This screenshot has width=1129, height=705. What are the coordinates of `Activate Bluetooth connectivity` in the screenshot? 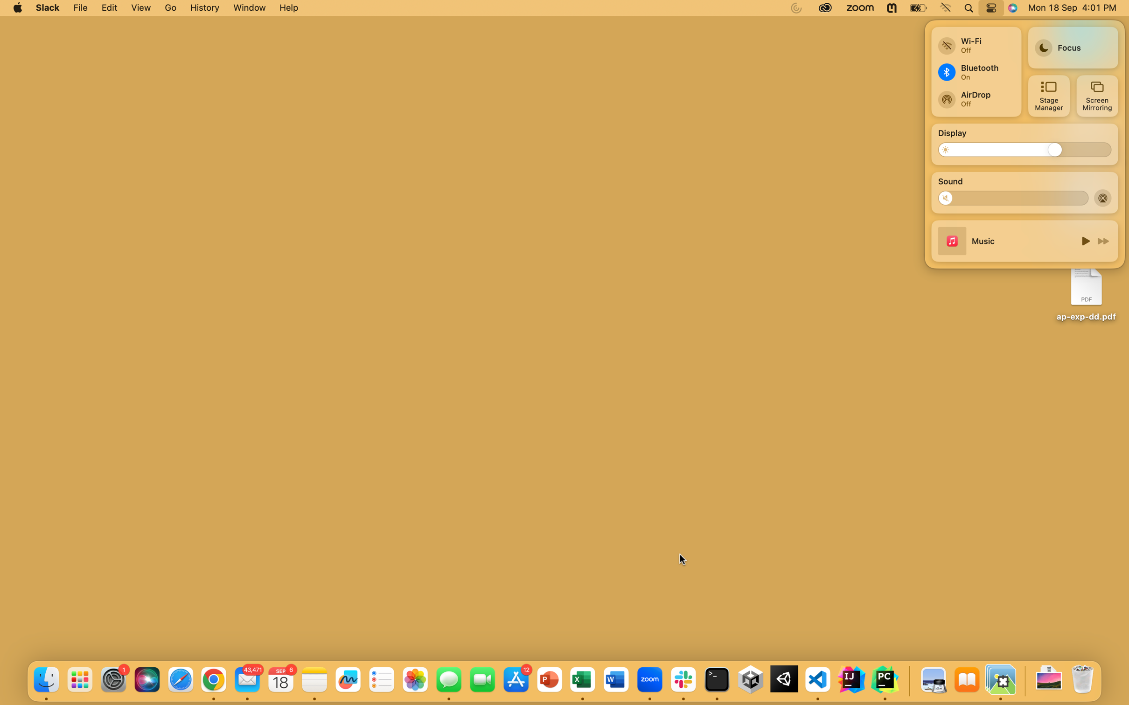 It's located at (975, 71).